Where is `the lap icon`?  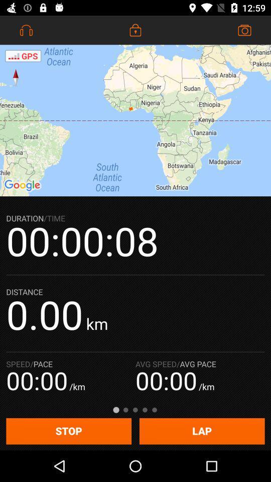 the lap icon is located at coordinates (202, 431).